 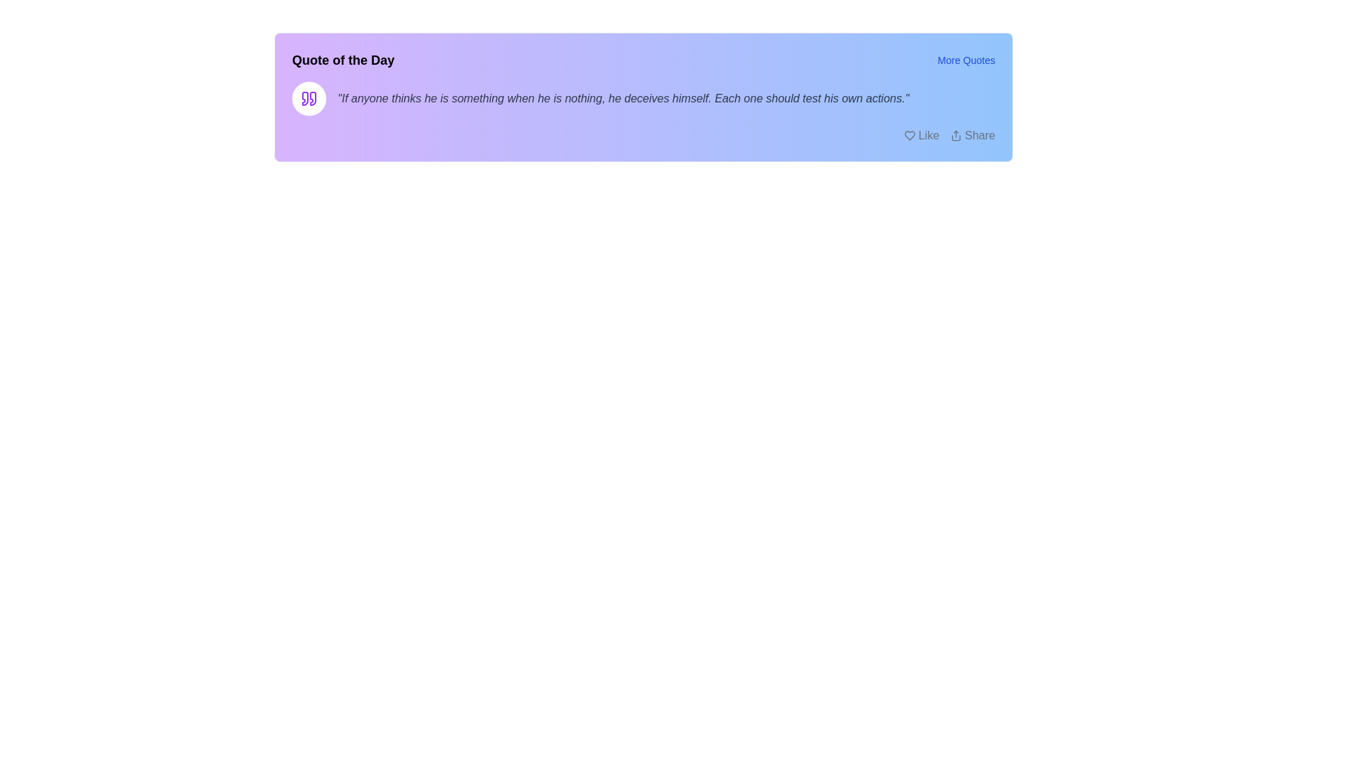 I want to click on the left quote mark graphical icon located in the upper left corner of the quote-display interface, which symbolizes the beginning of a quote, so click(x=304, y=97).